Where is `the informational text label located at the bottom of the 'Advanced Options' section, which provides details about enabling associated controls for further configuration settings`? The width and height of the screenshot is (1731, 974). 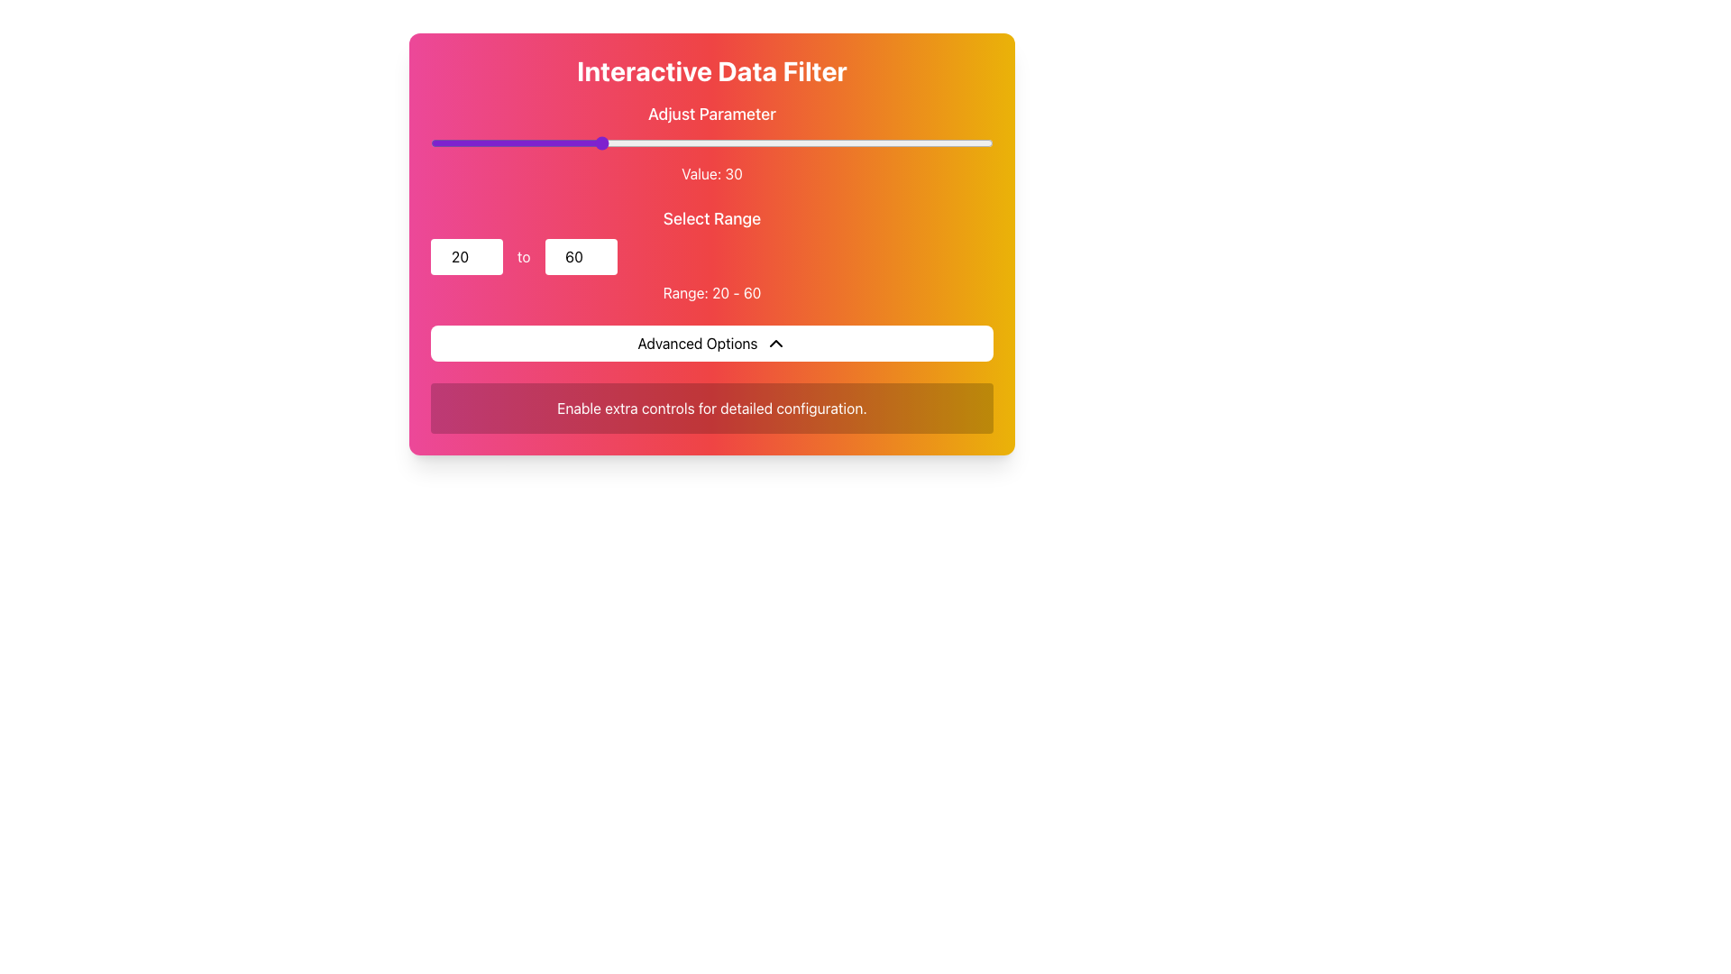
the informational text label located at the bottom of the 'Advanced Options' section, which provides details about enabling associated controls for further configuration settings is located at coordinates (711, 408).